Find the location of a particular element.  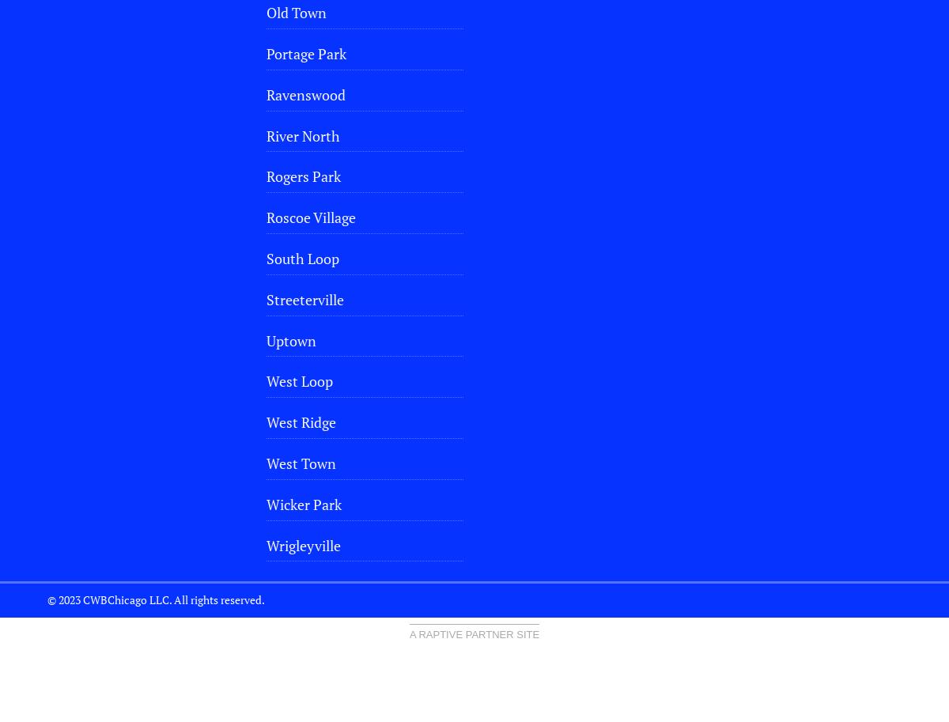

'Wicker Park' is located at coordinates (266, 503).